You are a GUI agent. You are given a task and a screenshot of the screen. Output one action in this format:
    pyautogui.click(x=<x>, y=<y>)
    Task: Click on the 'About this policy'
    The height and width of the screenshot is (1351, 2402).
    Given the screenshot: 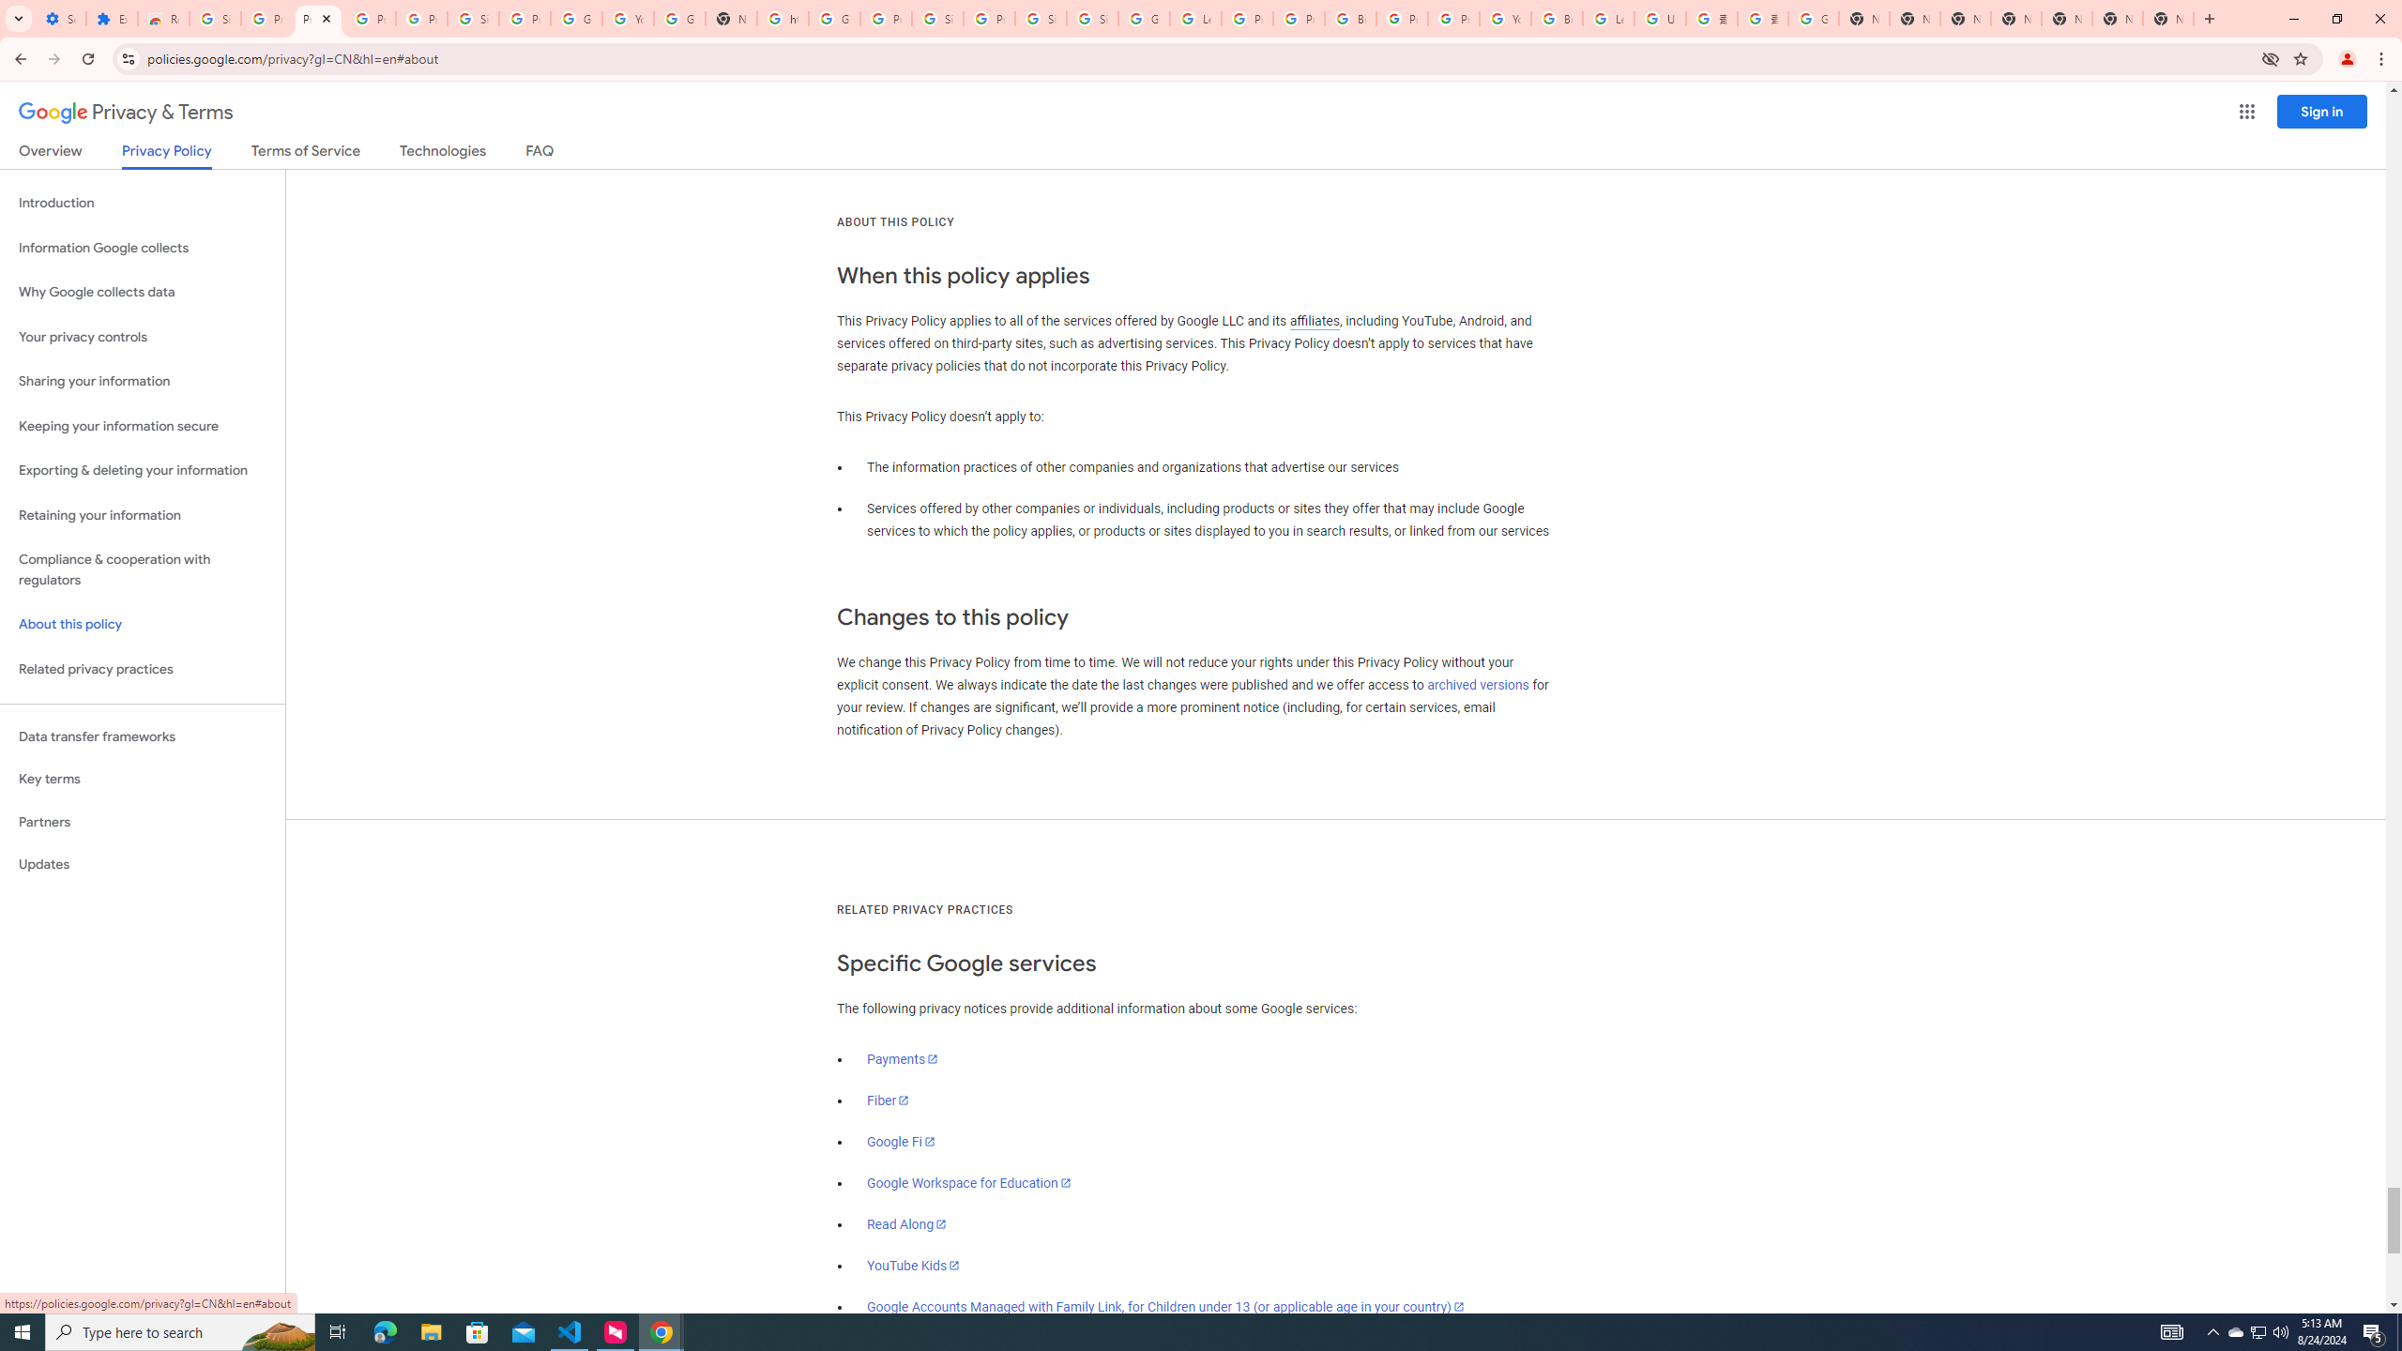 What is the action you would take?
    pyautogui.click(x=142, y=625)
    